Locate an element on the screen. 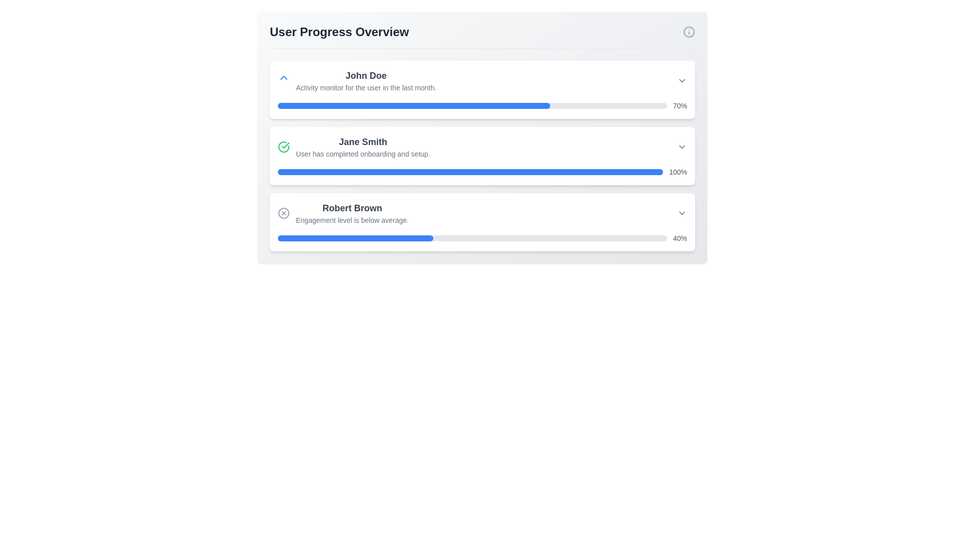 This screenshot has width=963, height=542. the user summary row displaying 'Robert Brown' in the 'User Progress Overview' section is located at coordinates (352, 212).